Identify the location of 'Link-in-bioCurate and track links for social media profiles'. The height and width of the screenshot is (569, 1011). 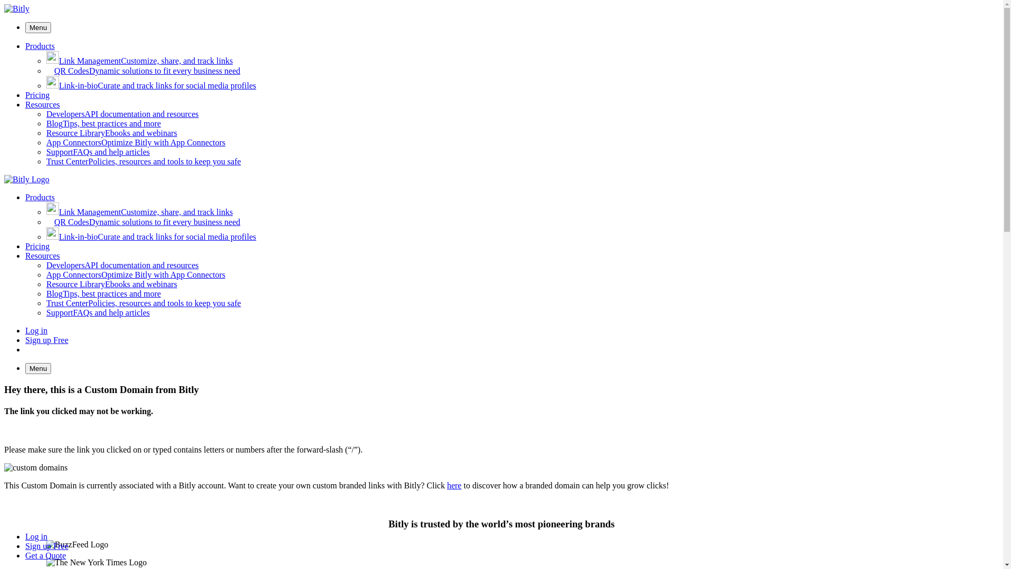
(151, 85).